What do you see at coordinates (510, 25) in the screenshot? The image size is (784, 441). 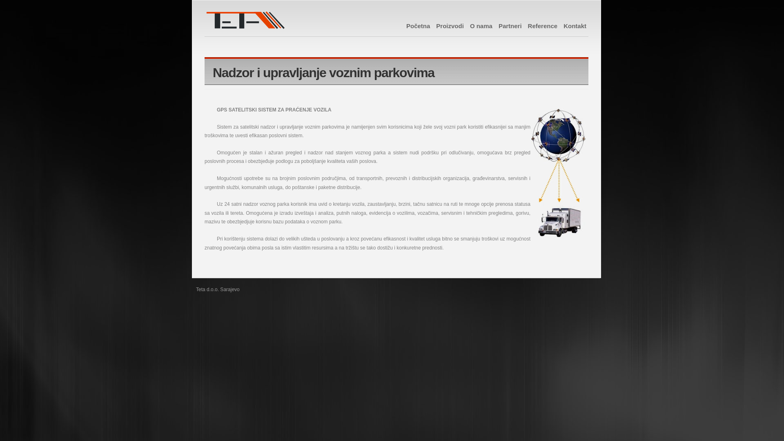 I see `'Partneri'` at bounding box center [510, 25].